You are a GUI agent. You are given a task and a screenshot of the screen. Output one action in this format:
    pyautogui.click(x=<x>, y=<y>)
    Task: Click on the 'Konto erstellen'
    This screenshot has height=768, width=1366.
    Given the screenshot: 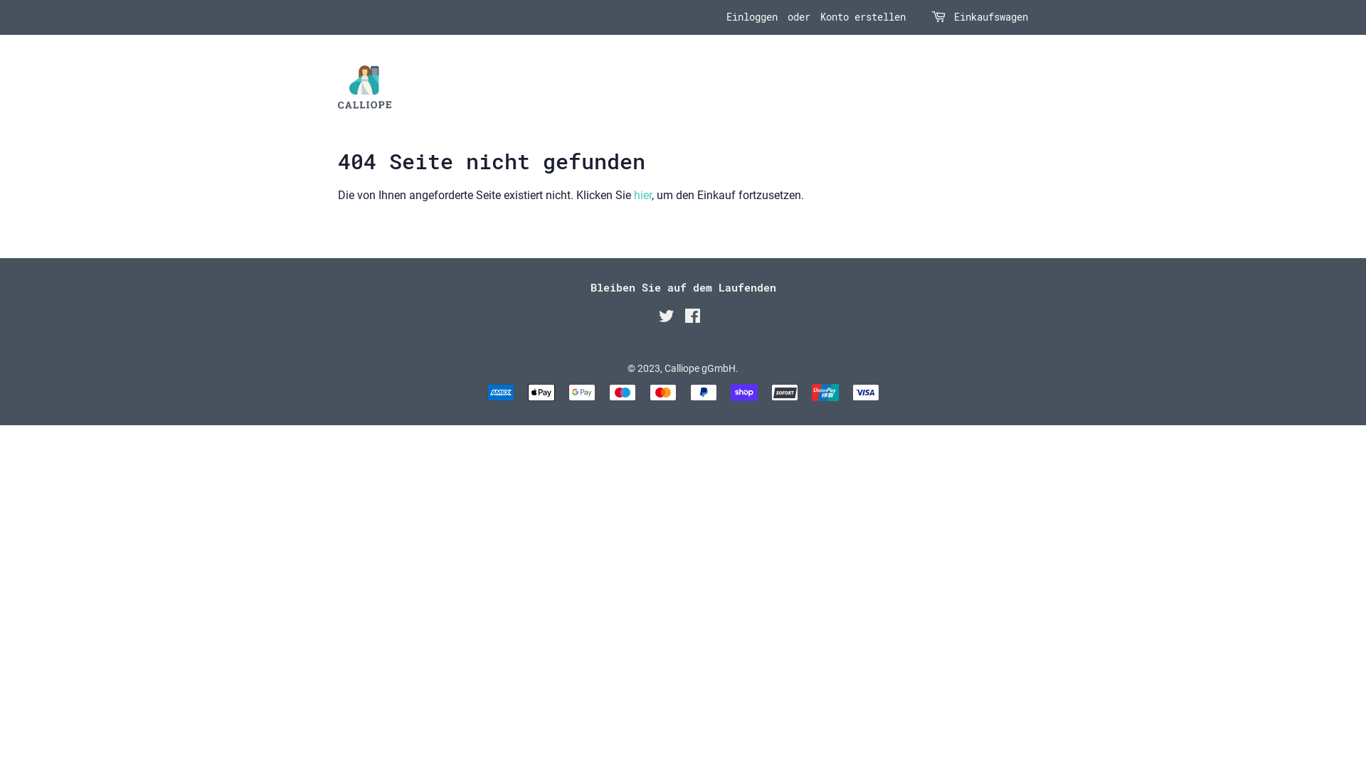 What is the action you would take?
    pyautogui.click(x=862, y=16)
    